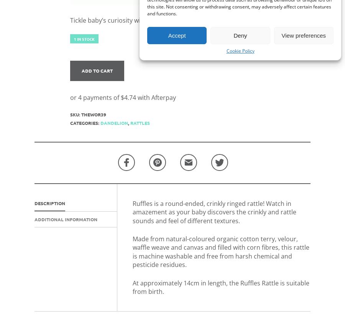 This screenshot has width=345, height=320. What do you see at coordinates (34, 219) in the screenshot?
I see `'Additional information'` at bounding box center [34, 219].